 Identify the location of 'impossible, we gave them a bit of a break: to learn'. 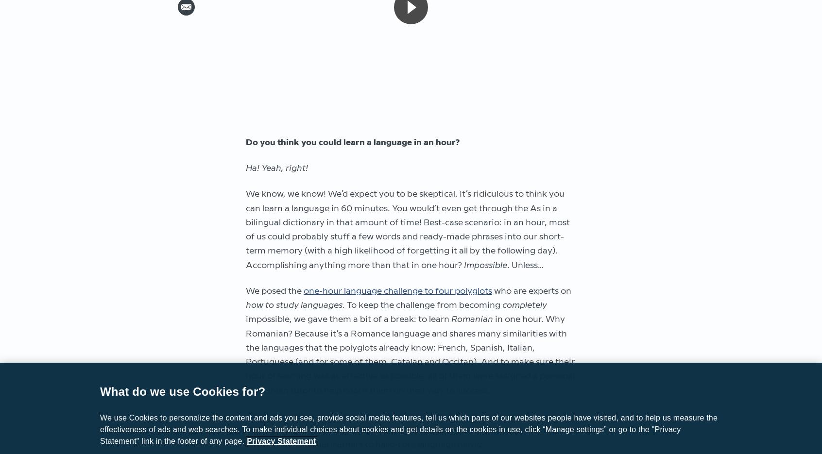
(246, 319).